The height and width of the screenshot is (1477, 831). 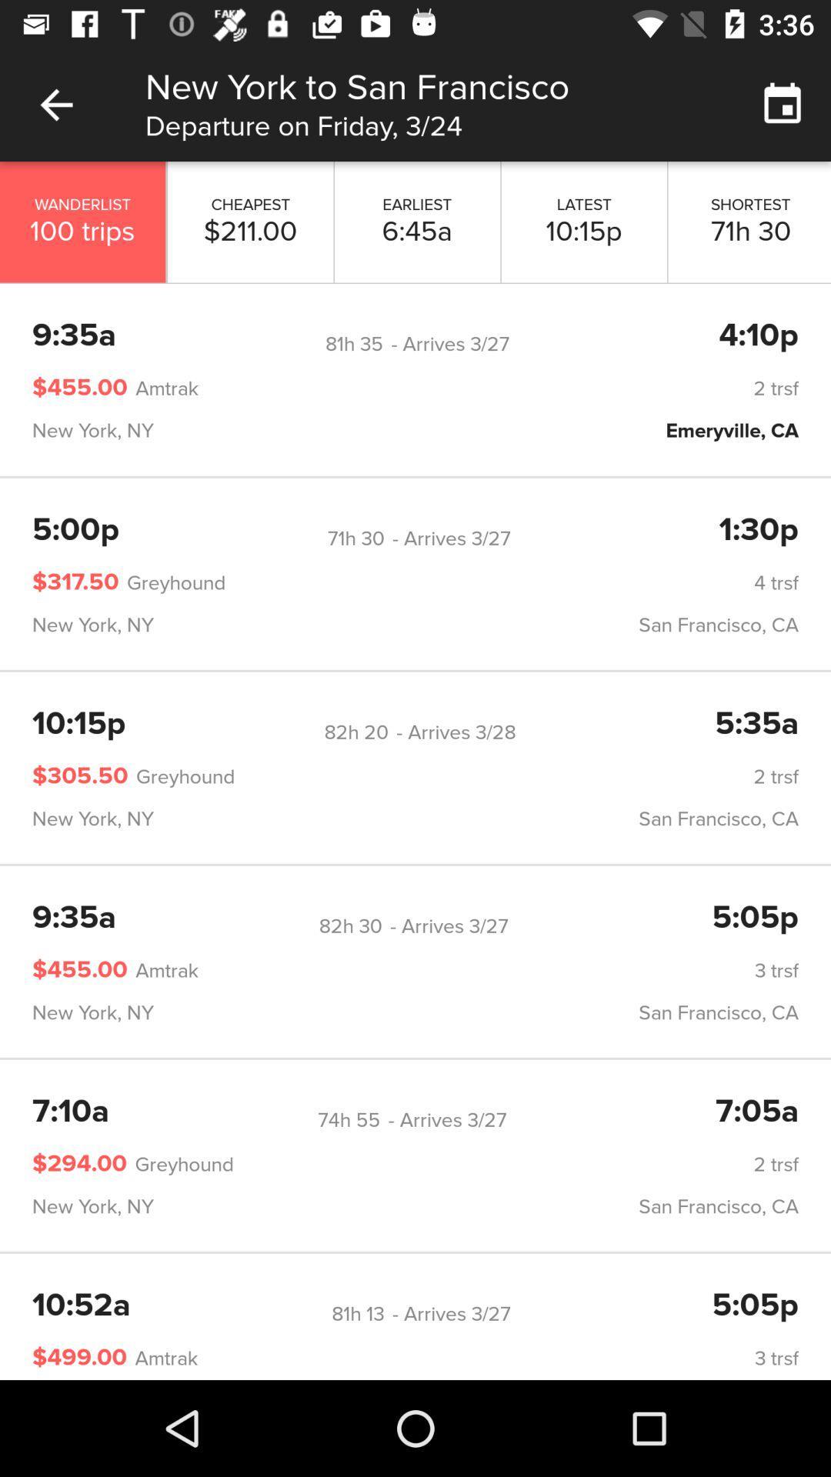 I want to click on icon next to 10:52a icon, so click(x=358, y=1313).